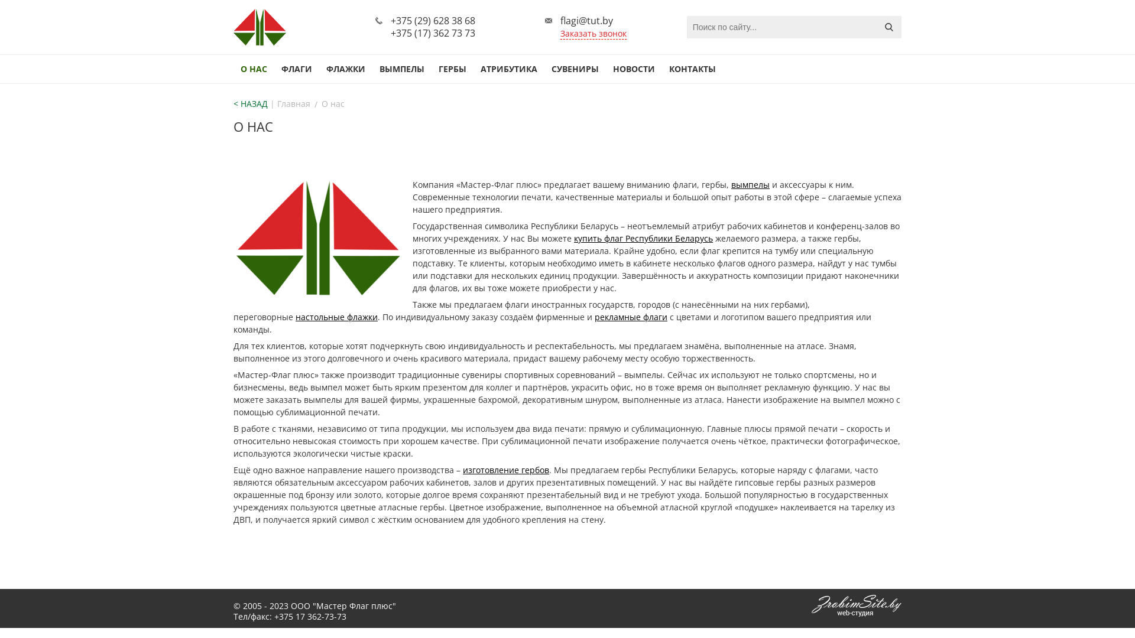 This screenshot has height=638, width=1135. What do you see at coordinates (586, 20) in the screenshot?
I see `'flagi@tut.by'` at bounding box center [586, 20].